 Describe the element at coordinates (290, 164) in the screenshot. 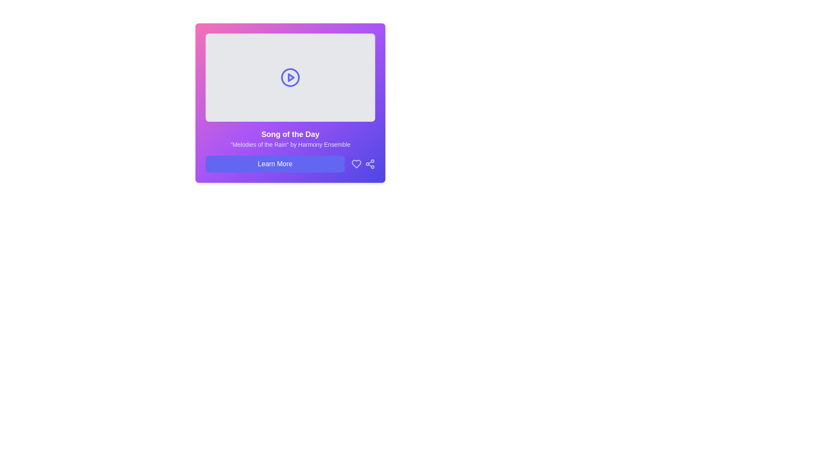

I see `the button located near the bottom-center of a rounded rectangular card with a purple gradient background, which is the leftmost element in a horizontal alignment with an icon to its right` at that location.